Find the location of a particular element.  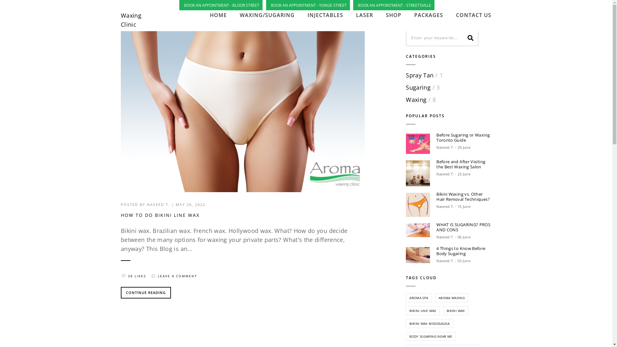

'Sugaring' is located at coordinates (418, 87).